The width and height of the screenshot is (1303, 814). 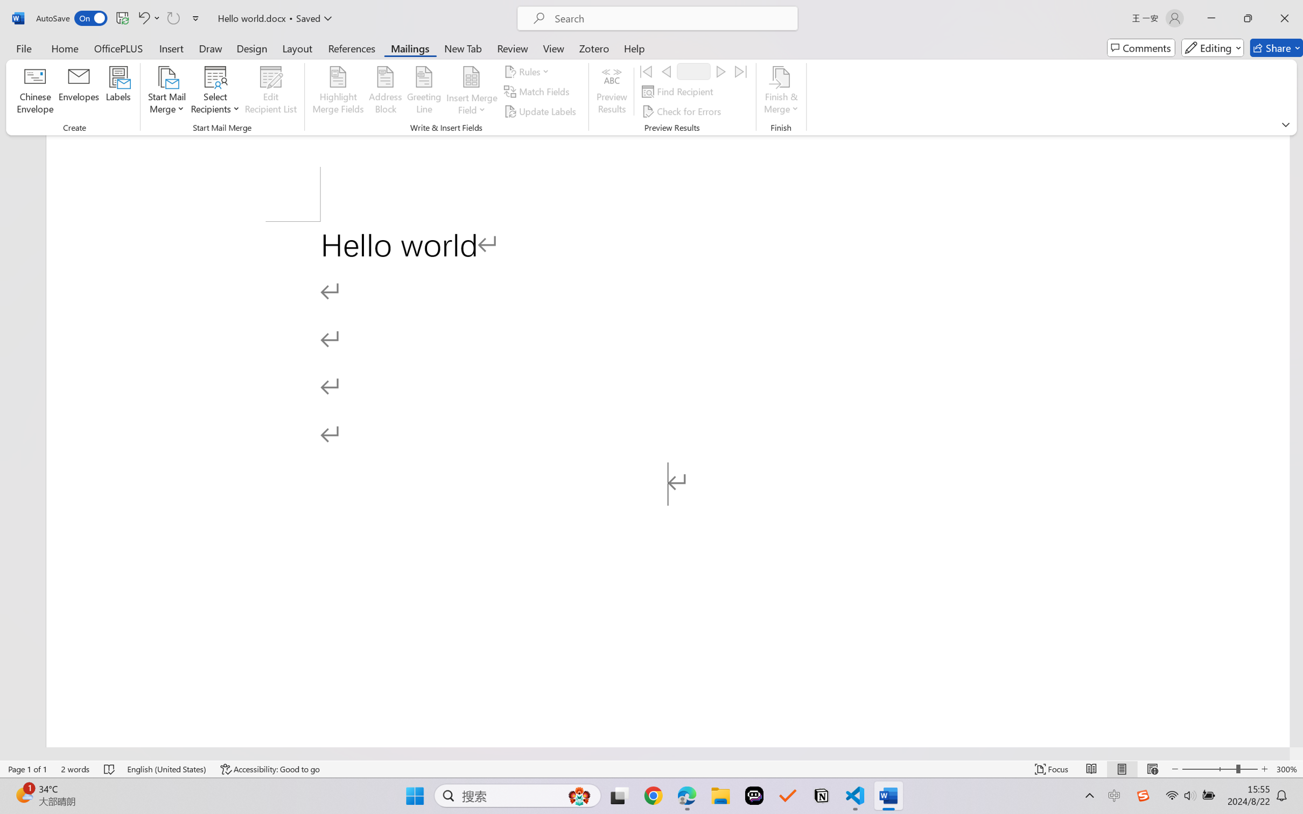 I want to click on 'Undo Click and Type Formatting', so click(x=148, y=18).